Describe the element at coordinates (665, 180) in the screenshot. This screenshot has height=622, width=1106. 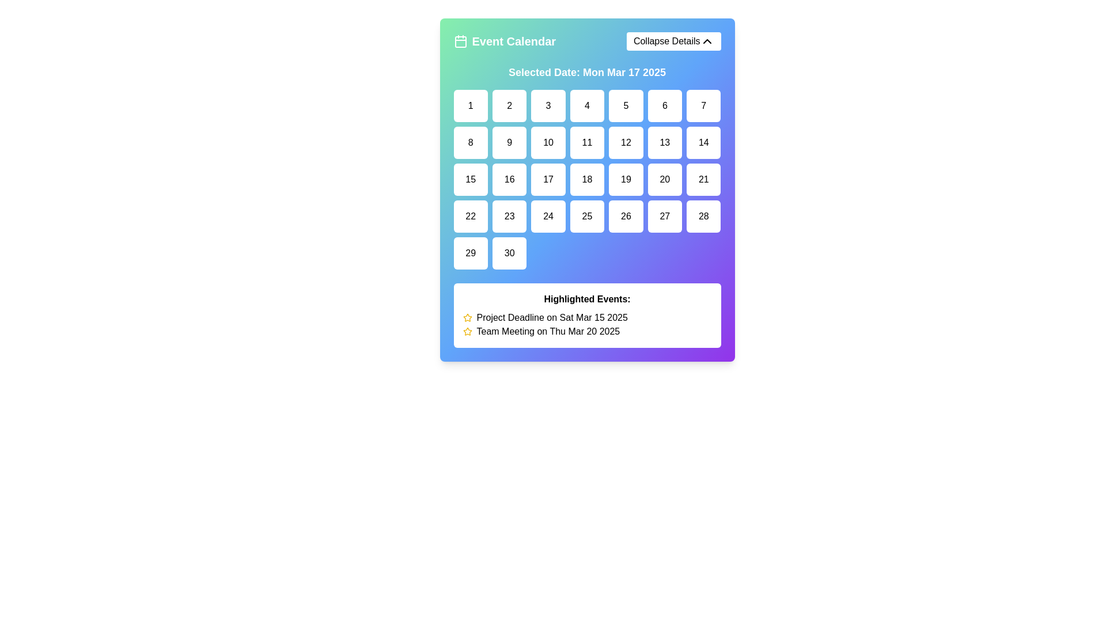
I see `the calendar date button representing the date 20, located in the third row and sixth column of the calendar grid` at that location.